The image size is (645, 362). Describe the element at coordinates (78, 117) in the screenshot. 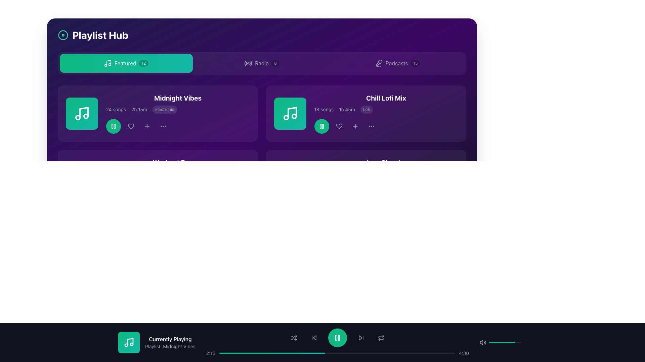

I see `the first small circular shape with a green outline located within the SVG icon of a musical note, positioned towards the bottom-left corner of the icon` at that location.